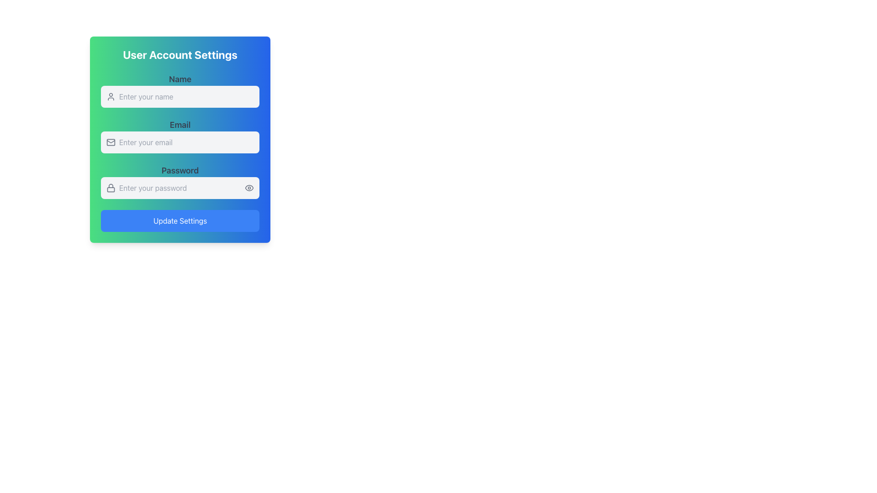  What do you see at coordinates (180, 125) in the screenshot?
I see `the text label indicating the email input field, which is centrally aligned above the email input and below the 'Name' heading` at bounding box center [180, 125].